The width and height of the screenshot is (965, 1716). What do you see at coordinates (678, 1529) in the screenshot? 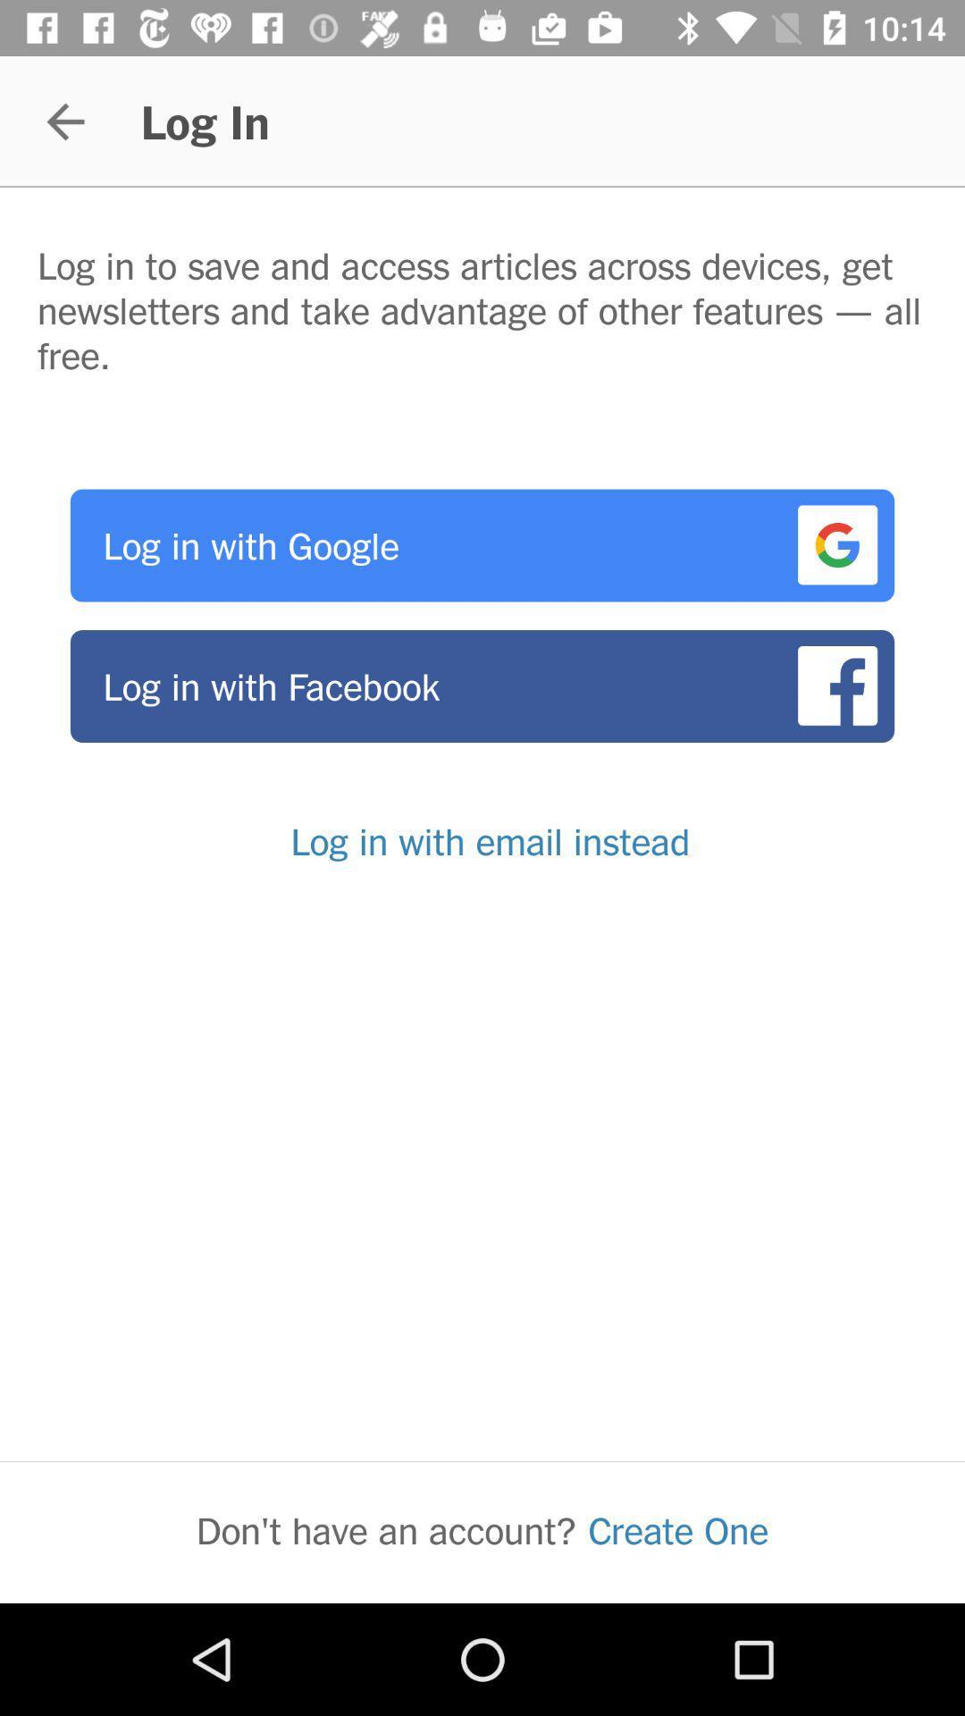
I see `the item to the right of the don t have item` at bounding box center [678, 1529].